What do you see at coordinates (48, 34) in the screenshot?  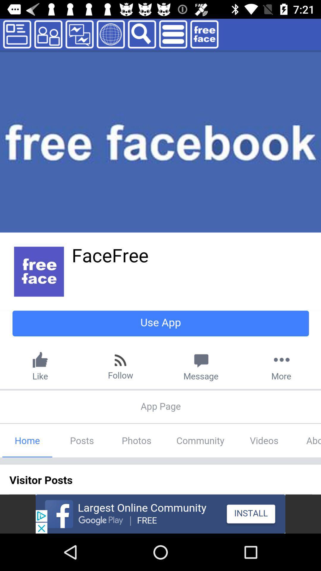 I see `the group icon` at bounding box center [48, 34].